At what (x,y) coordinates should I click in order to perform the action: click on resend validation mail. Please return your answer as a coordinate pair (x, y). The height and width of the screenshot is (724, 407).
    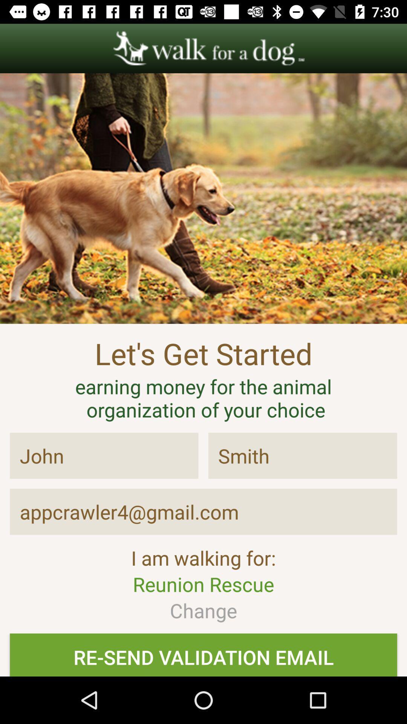
    Looking at the image, I should click on (203, 655).